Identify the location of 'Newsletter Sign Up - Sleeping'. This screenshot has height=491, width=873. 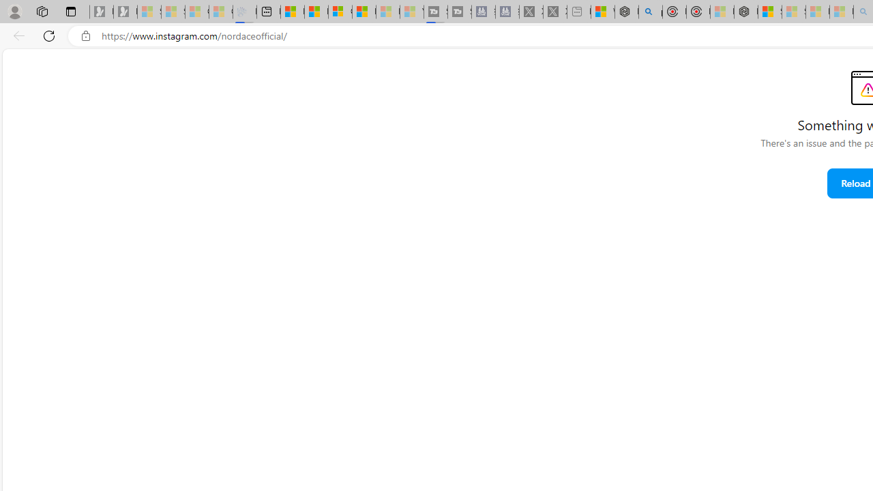
(125, 12).